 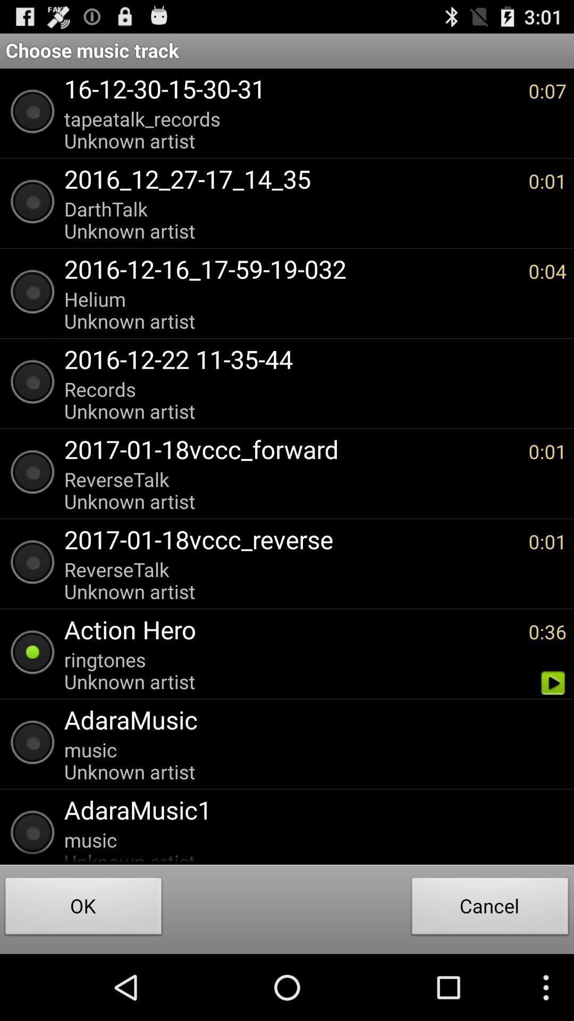 What do you see at coordinates (310, 809) in the screenshot?
I see `adaramusic1 item` at bounding box center [310, 809].